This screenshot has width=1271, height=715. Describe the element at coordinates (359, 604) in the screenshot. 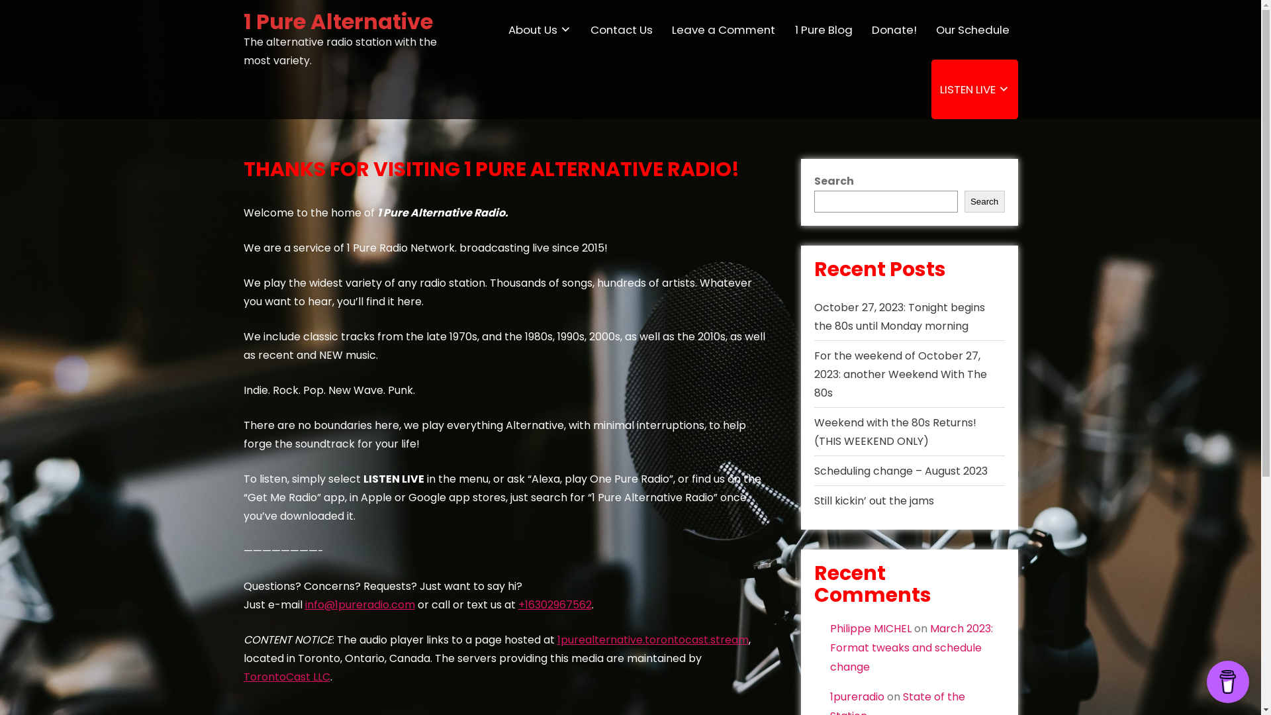

I see `'info@1pureradio.com'` at that location.